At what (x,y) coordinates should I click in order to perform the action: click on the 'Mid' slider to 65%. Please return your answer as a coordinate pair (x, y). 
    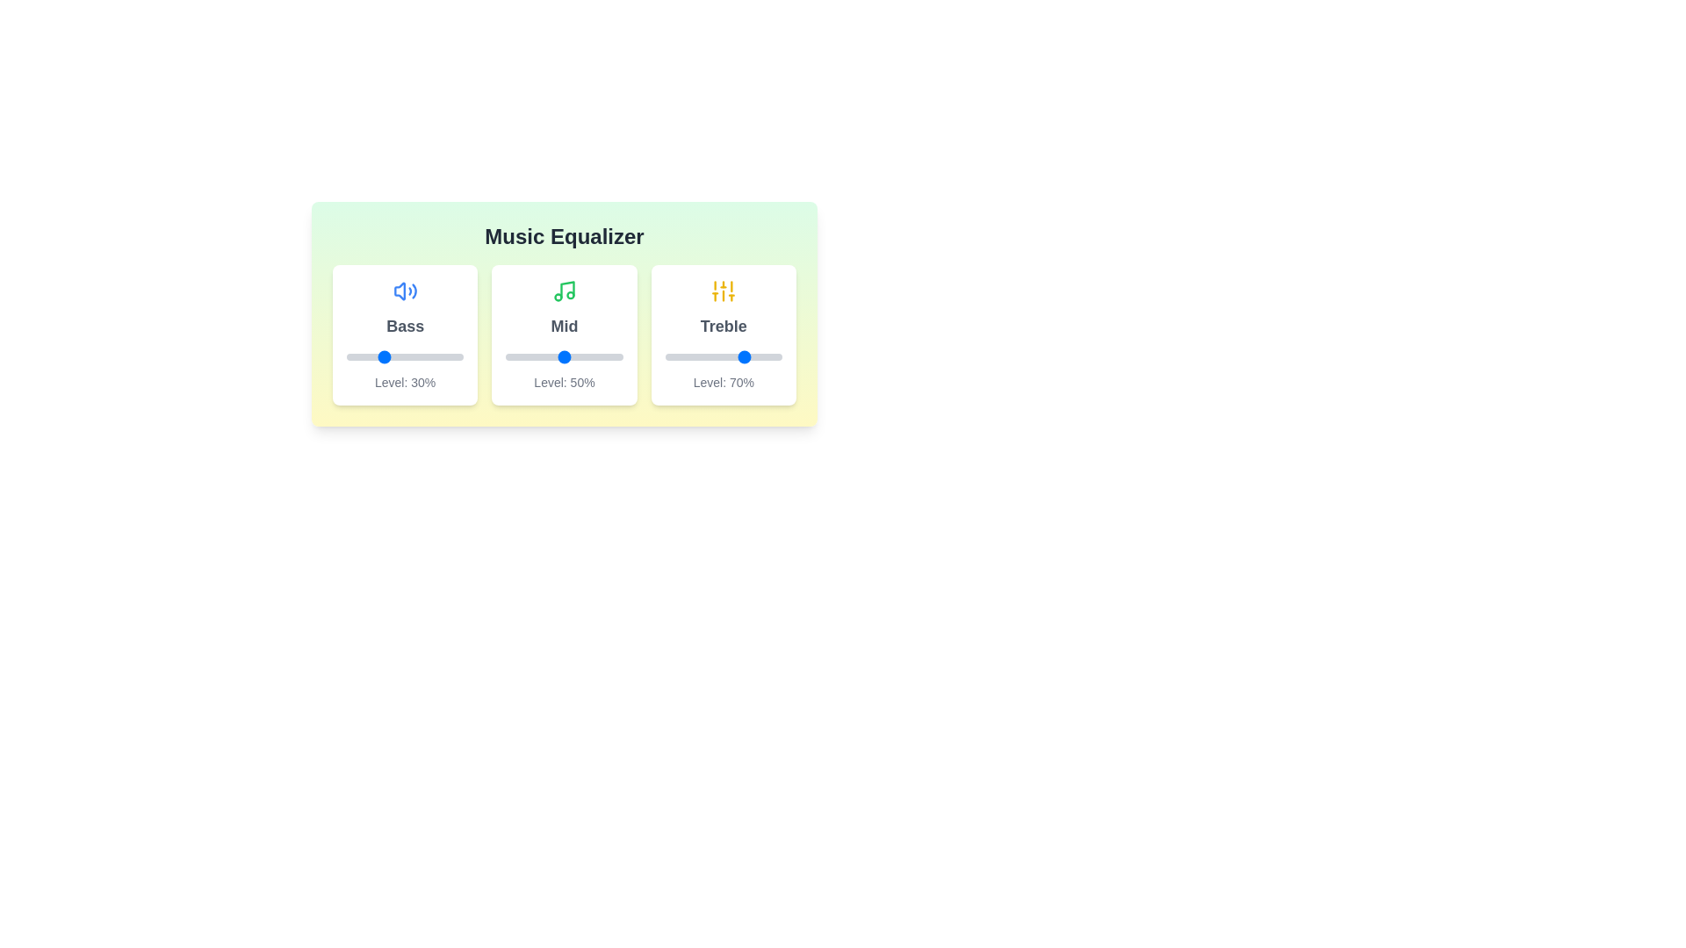
    Looking at the image, I should click on (581, 356).